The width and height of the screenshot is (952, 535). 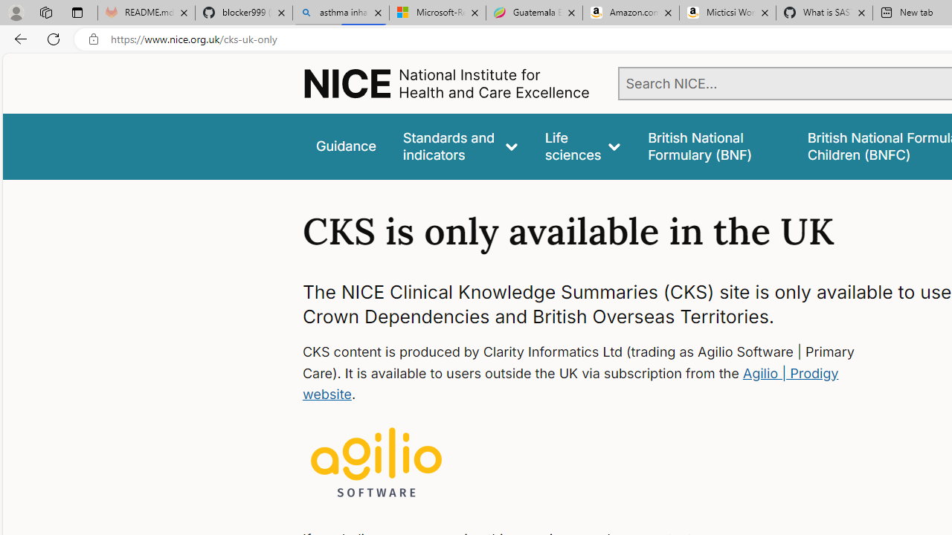 What do you see at coordinates (714, 146) in the screenshot?
I see `'false'` at bounding box center [714, 146].